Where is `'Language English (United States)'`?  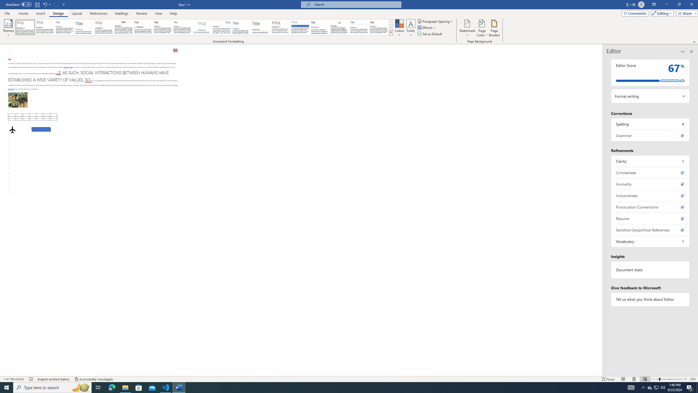
'Language English (United States)' is located at coordinates (53, 379).